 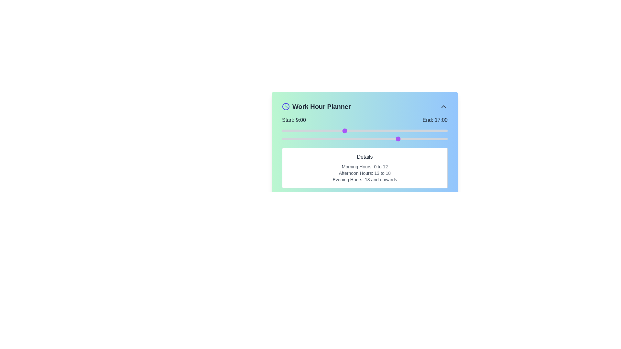 What do you see at coordinates (351, 131) in the screenshot?
I see `the start time to 10 hours using the left slider` at bounding box center [351, 131].